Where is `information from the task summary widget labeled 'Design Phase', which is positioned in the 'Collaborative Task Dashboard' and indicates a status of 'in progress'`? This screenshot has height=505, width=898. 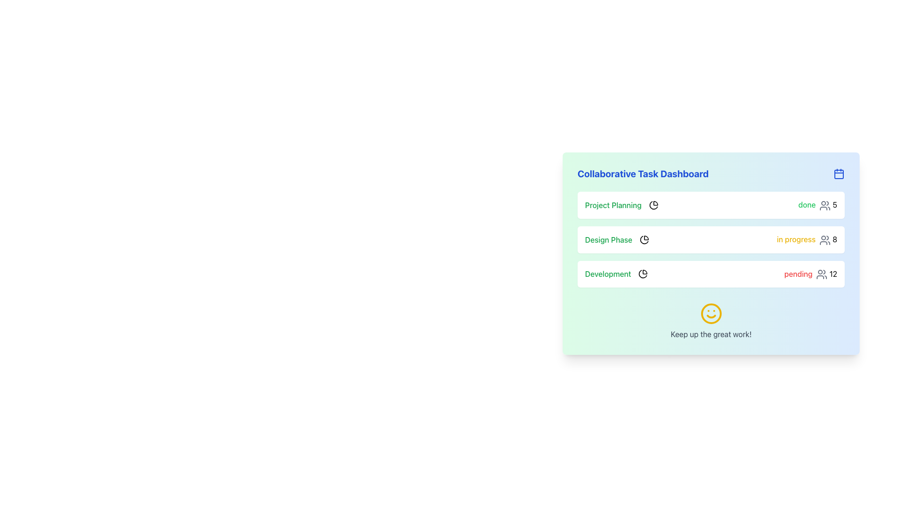 information from the task summary widget labeled 'Design Phase', which is positioned in the 'Collaborative Task Dashboard' and indicates a status of 'in progress' is located at coordinates (711, 239).